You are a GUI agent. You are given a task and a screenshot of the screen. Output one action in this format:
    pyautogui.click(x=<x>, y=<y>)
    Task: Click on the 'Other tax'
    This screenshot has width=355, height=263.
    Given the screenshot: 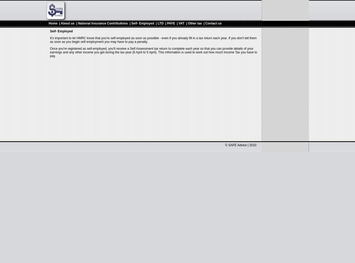 What is the action you would take?
    pyautogui.click(x=187, y=23)
    